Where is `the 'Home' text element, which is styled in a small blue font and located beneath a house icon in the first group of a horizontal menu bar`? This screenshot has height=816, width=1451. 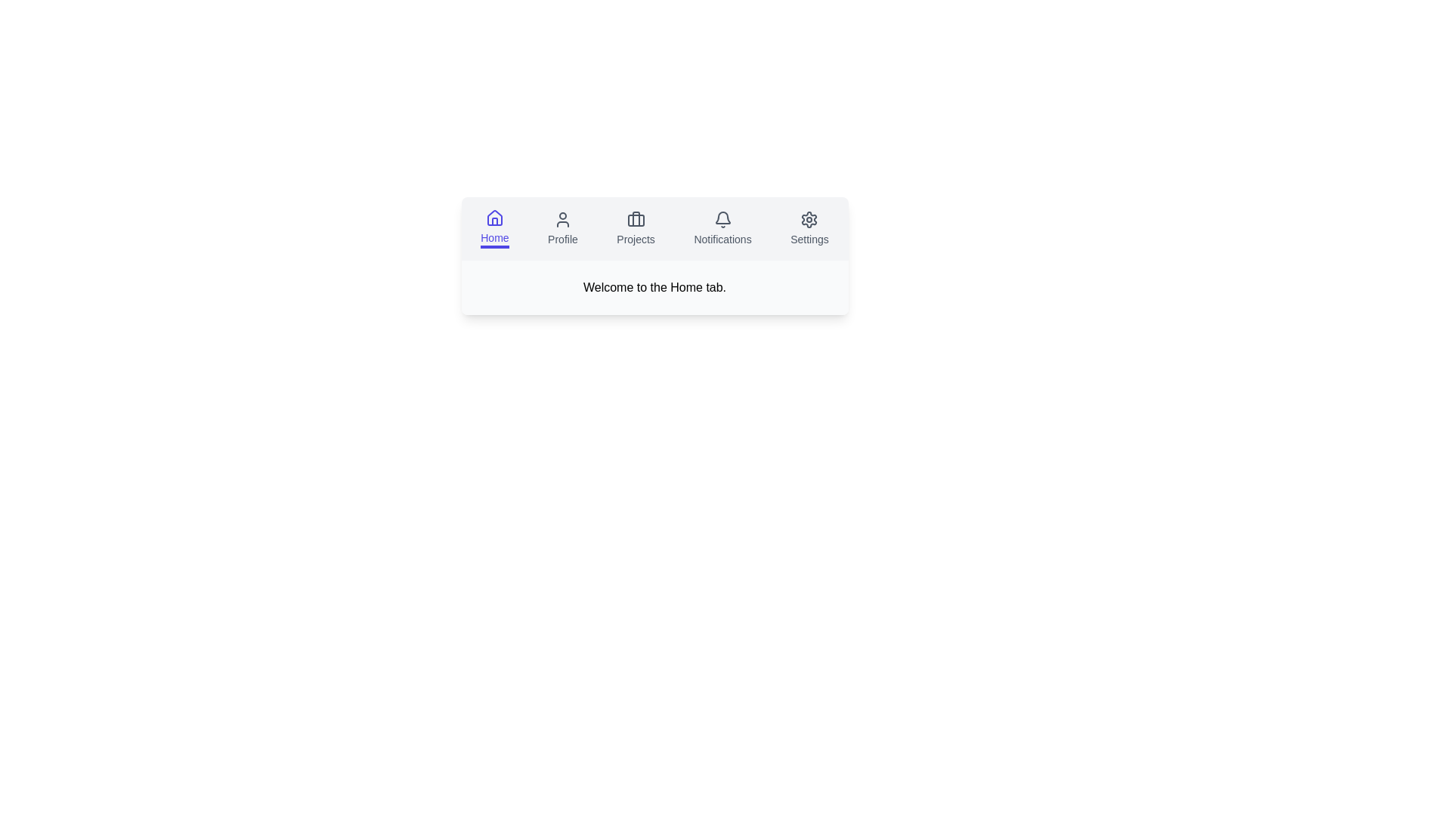
the 'Home' text element, which is styled in a small blue font and located beneath a house icon in the first group of a horizontal menu bar is located at coordinates (494, 238).